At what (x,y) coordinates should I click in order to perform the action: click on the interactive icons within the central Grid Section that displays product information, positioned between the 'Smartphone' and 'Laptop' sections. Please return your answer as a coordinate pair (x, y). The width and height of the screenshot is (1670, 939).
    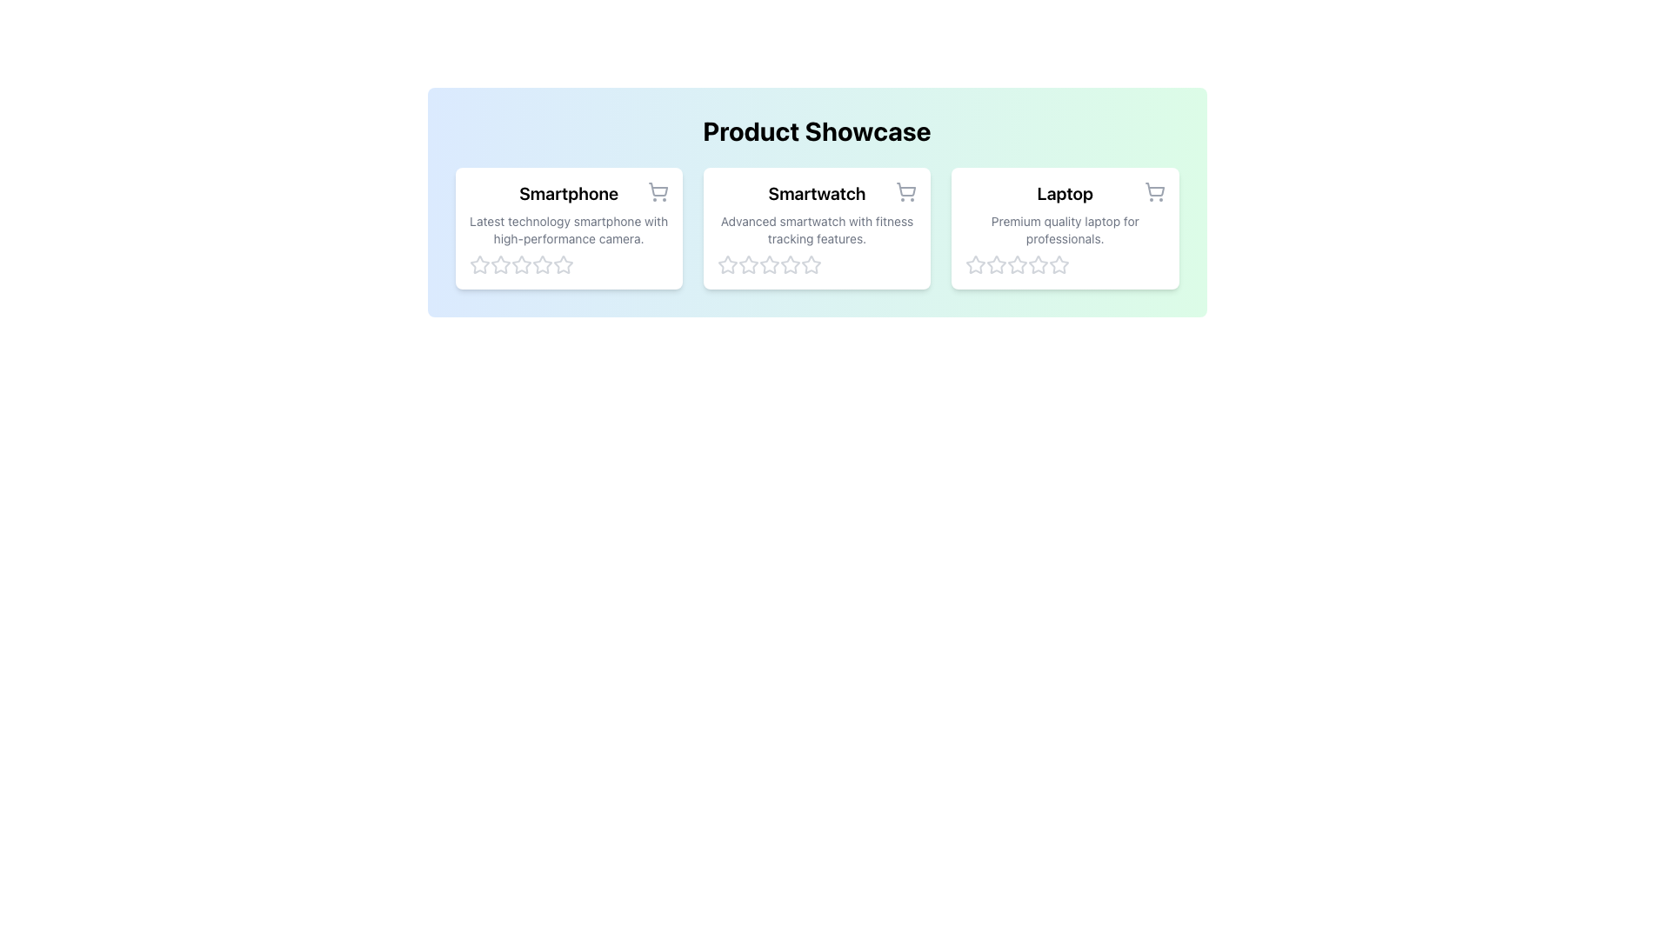
    Looking at the image, I should click on (816, 227).